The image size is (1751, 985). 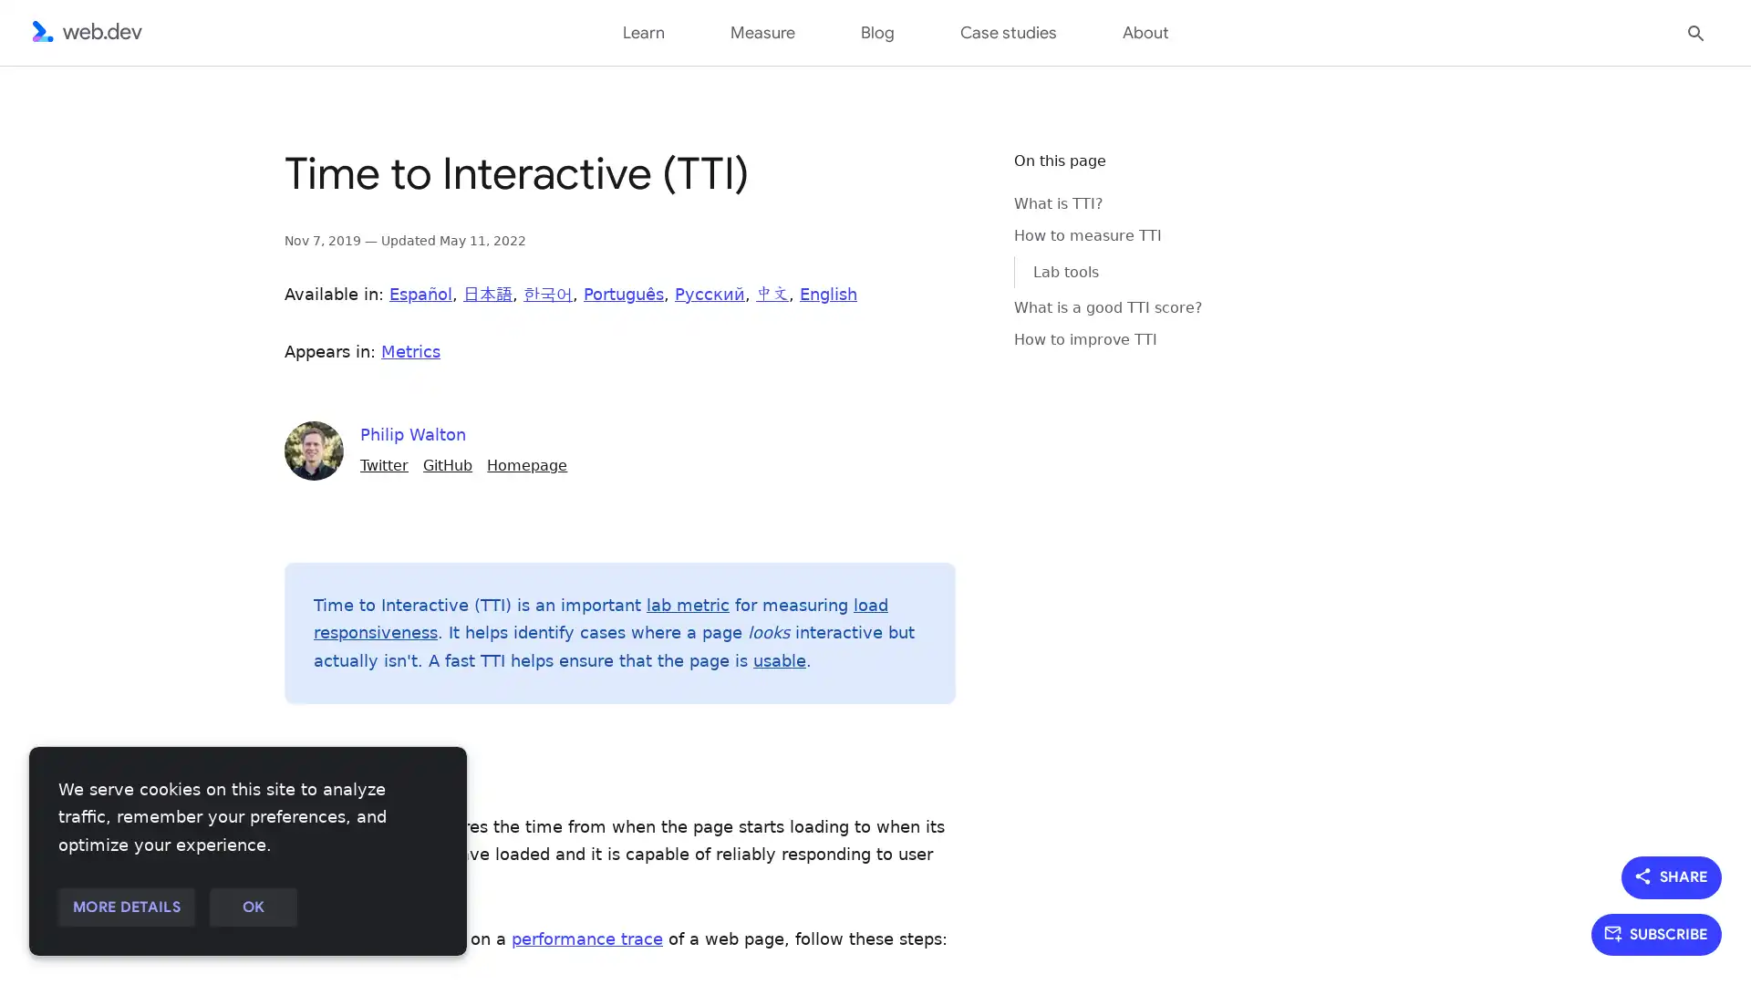 What do you see at coordinates (252, 907) in the screenshot?
I see `OK` at bounding box center [252, 907].